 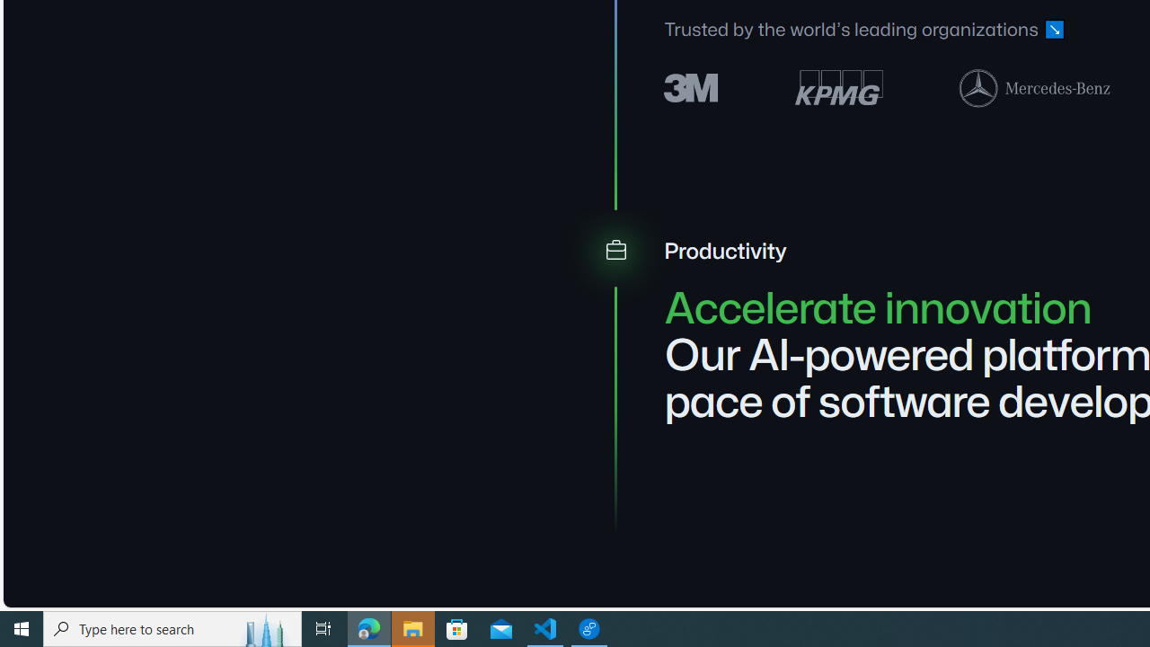 What do you see at coordinates (690, 87) in the screenshot?
I see `'3M logo'` at bounding box center [690, 87].